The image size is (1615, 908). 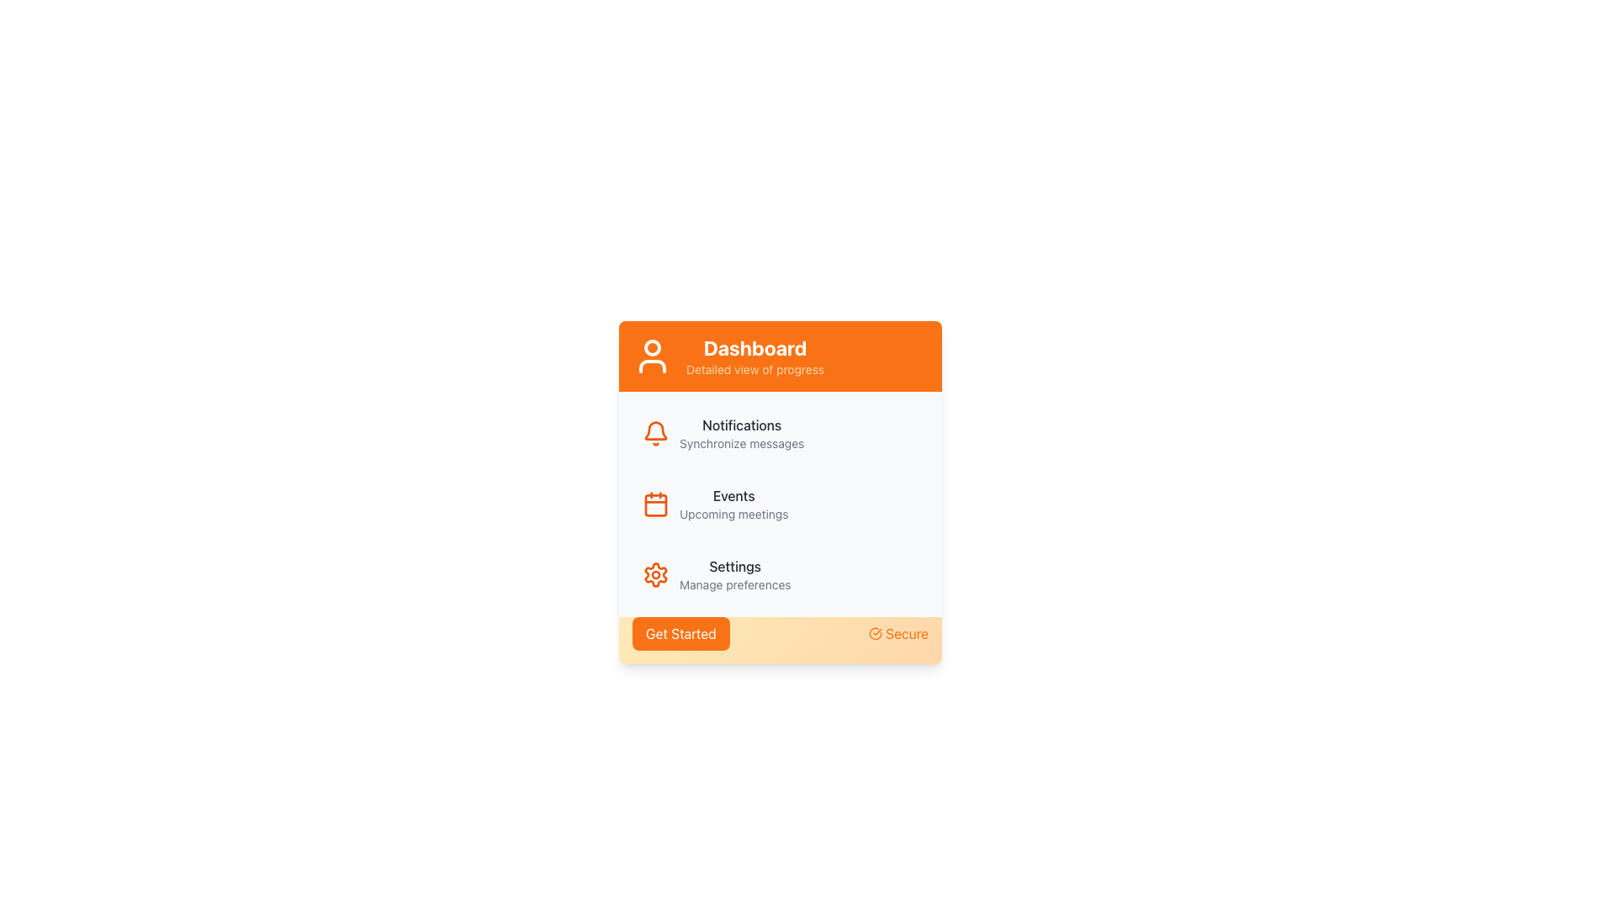 I want to click on the List item featuring a calendar icon and the text 'Events' for accessibility navigation, so click(x=779, y=504).